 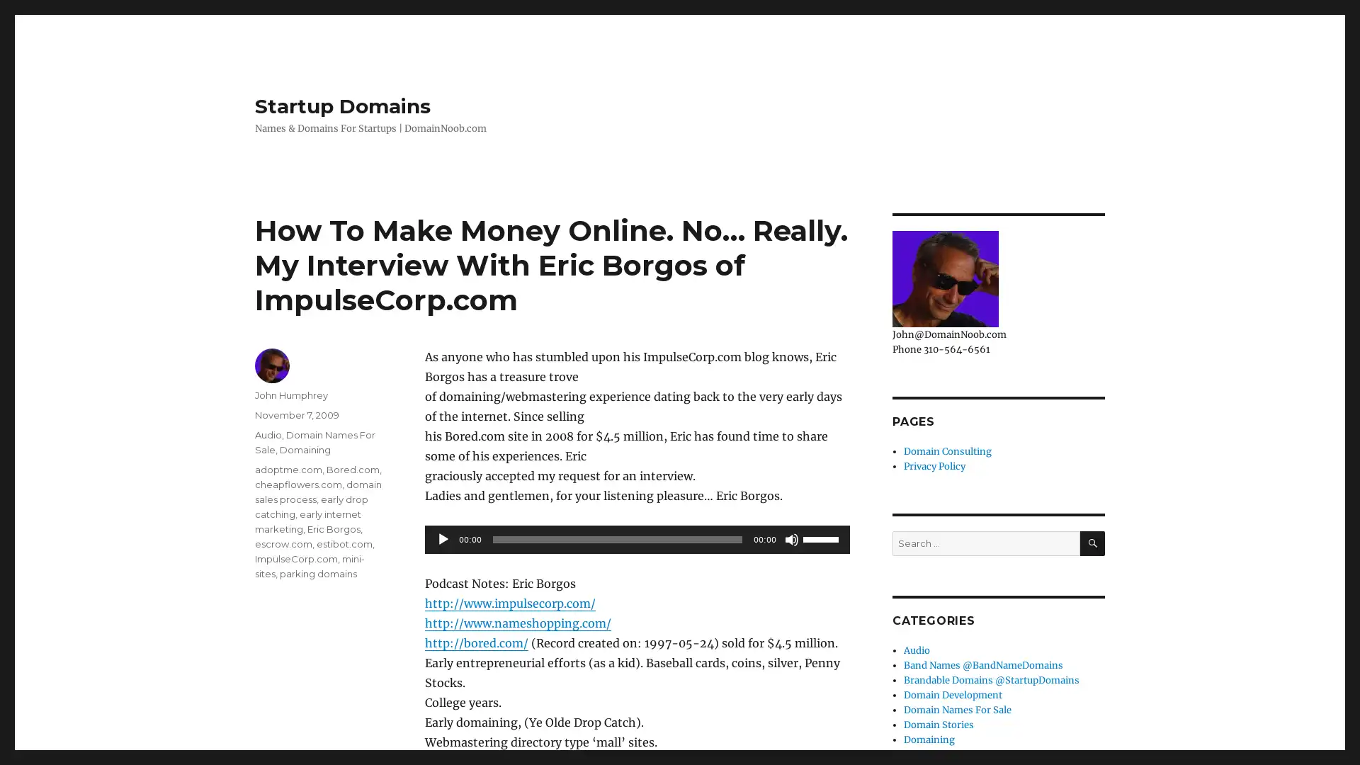 I want to click on Play, so click(x=442, y=540).